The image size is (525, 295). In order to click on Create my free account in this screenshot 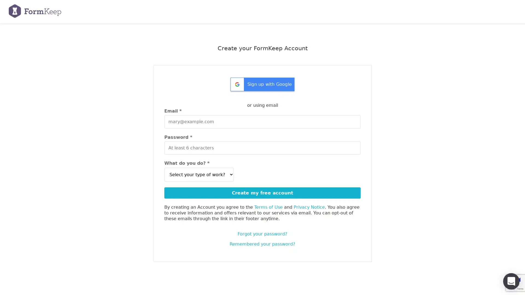, I will do `click(262, 192)`.